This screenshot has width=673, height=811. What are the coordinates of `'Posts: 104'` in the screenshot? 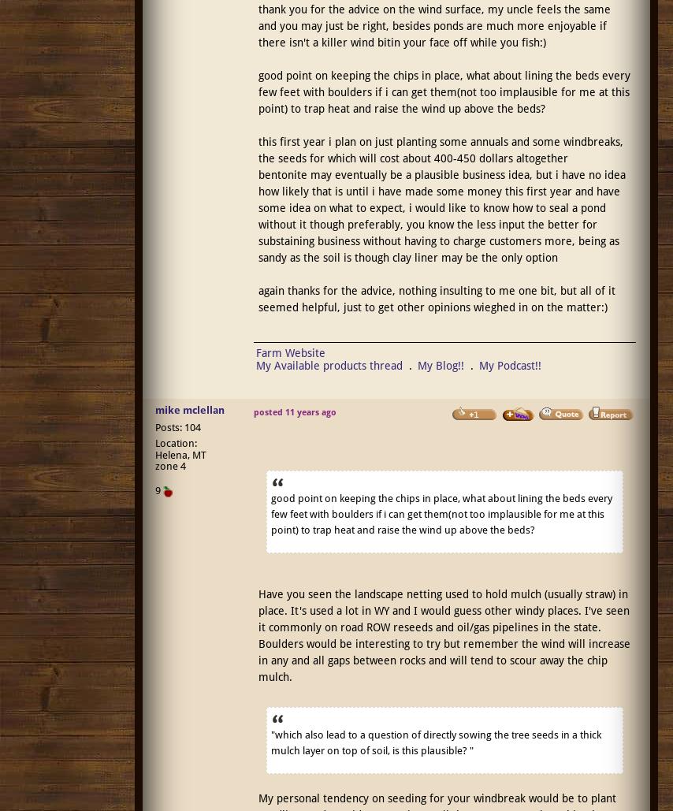 It's located at (177, 426).